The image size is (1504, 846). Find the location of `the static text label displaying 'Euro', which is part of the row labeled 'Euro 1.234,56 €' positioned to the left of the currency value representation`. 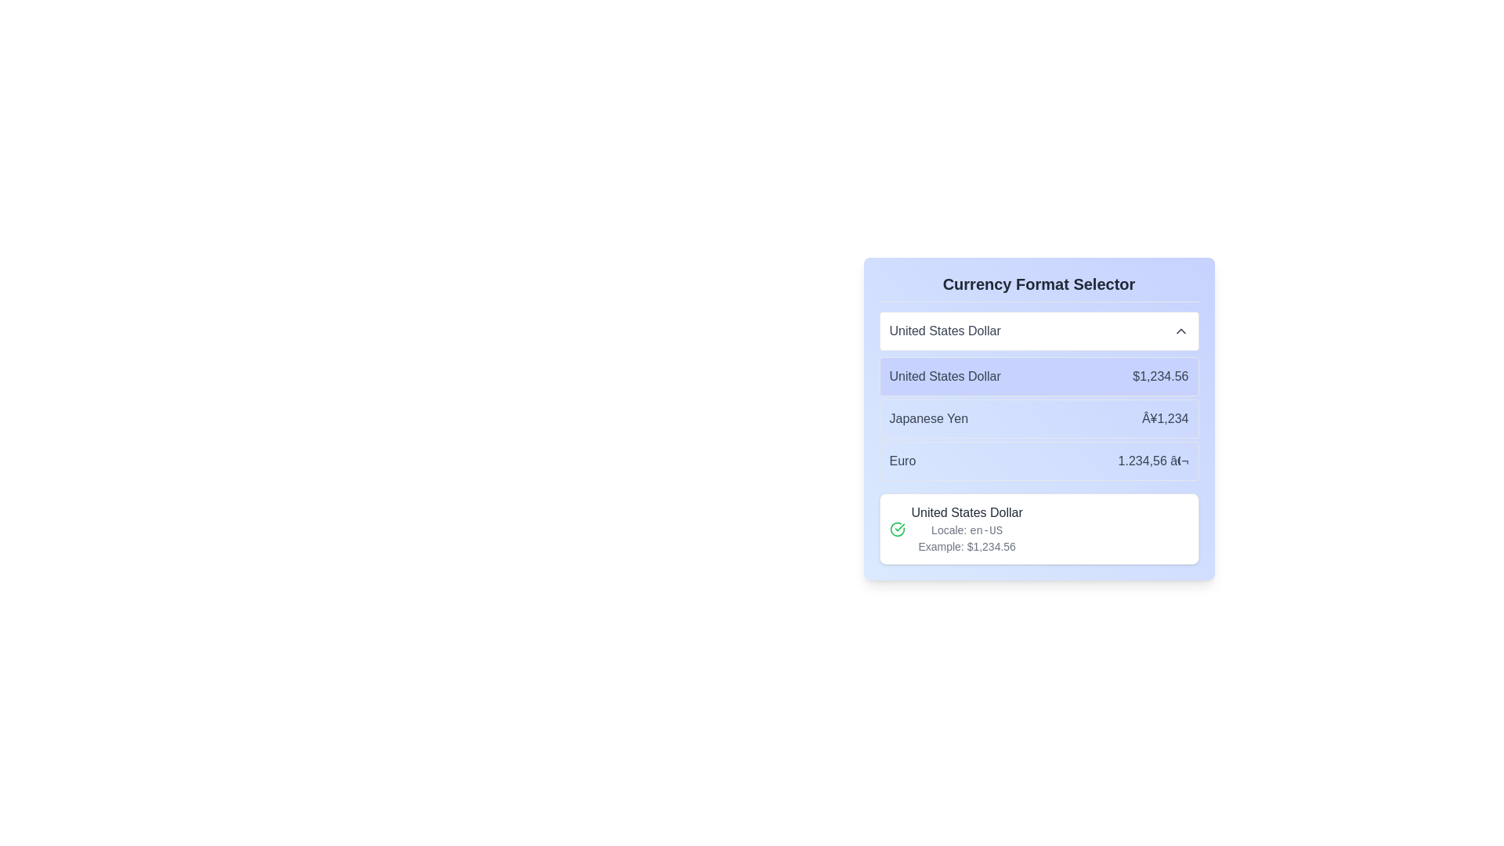

the static text label displaying 'Euro', which is part of the row labeled 'Euro 1.234,56 €' positioned to the left of the currency value representation is located at coordinates (902, 461).